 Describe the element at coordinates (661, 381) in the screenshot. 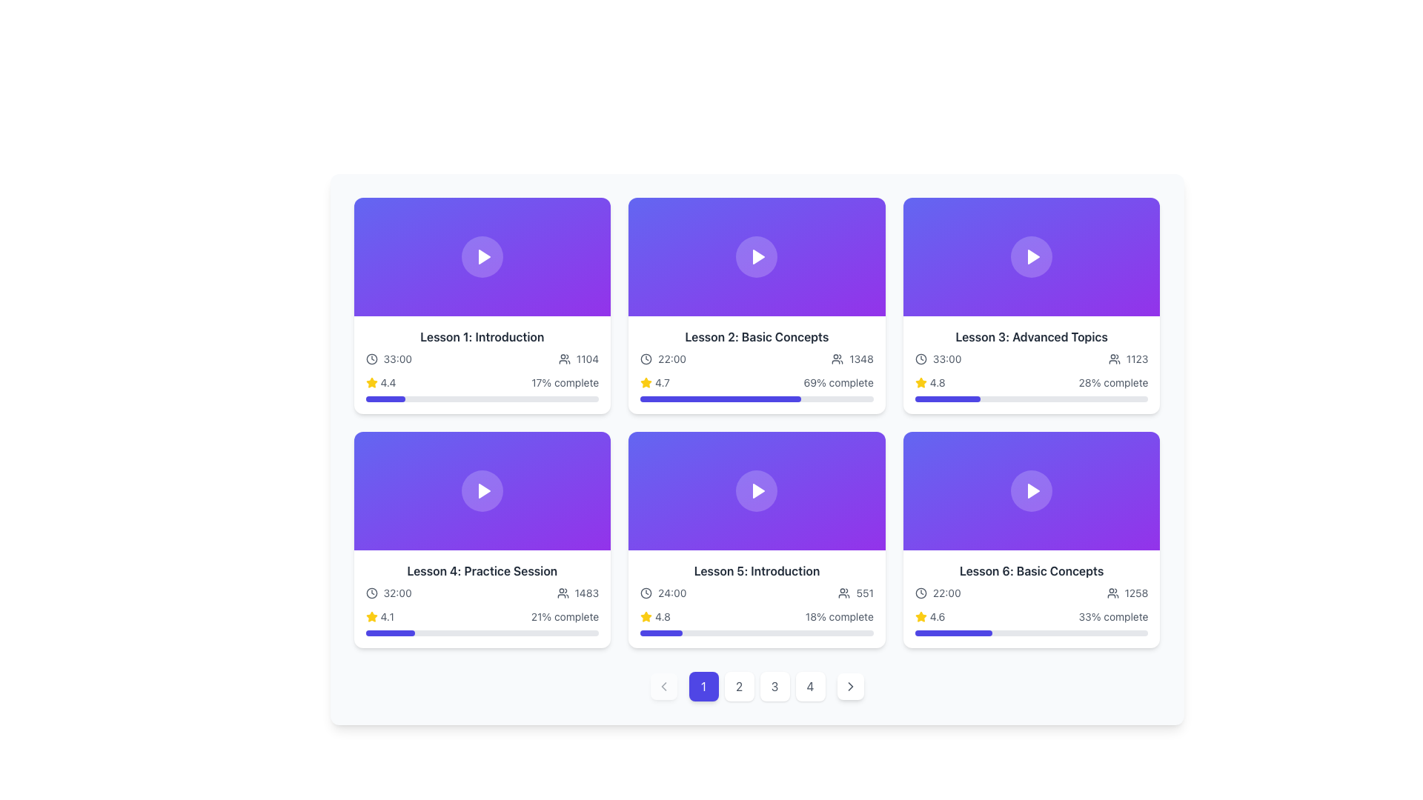

I see `the numeric text label displaying the value '4.7' located in the lower-left section of the card layout for 'Lesson 2: Basic Concepts', which is adjacent to a star icon` at that location.